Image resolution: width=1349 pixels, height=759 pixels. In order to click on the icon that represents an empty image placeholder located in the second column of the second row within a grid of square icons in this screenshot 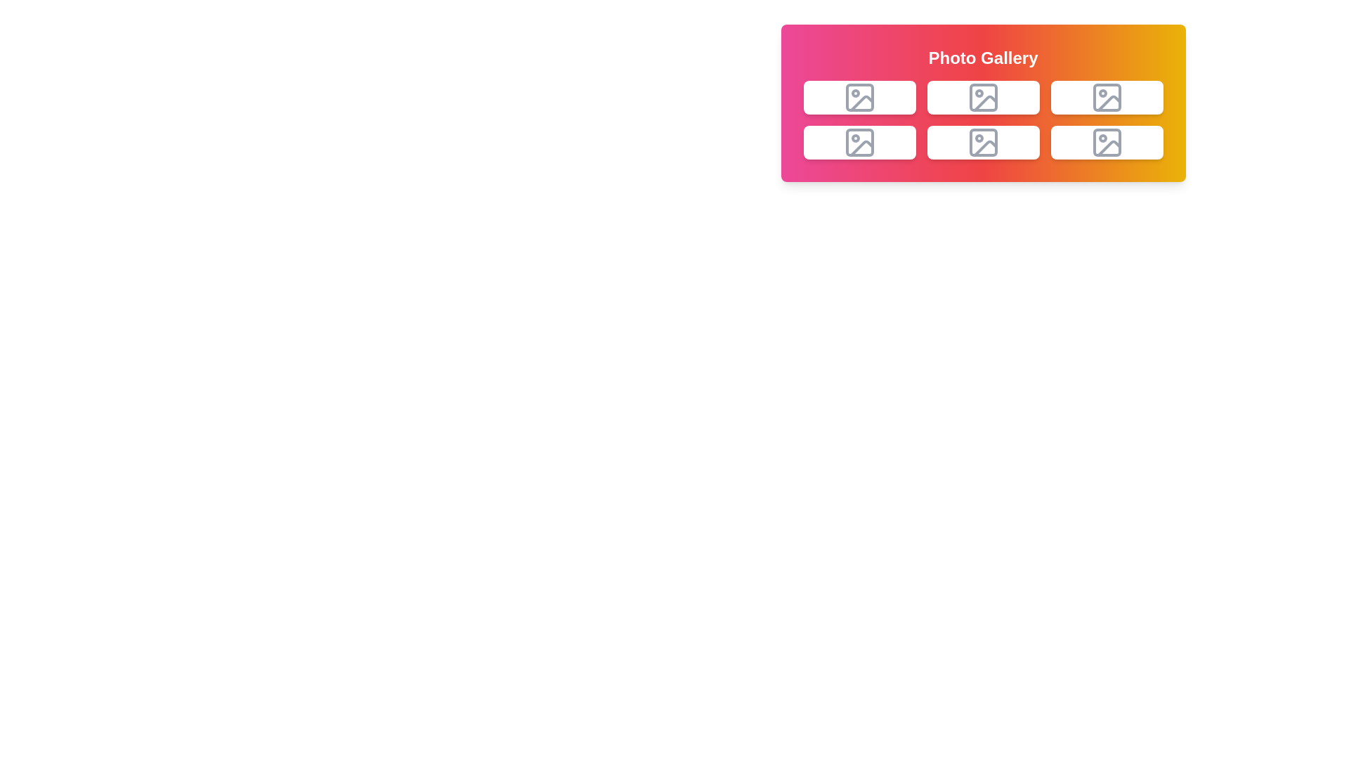, I will do `click(1106, 96)`.